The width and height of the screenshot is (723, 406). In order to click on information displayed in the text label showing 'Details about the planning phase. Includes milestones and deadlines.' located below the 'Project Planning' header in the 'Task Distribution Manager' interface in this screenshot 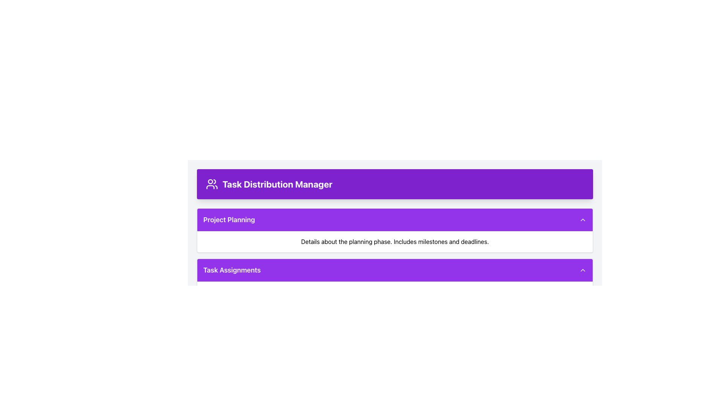, I will do `click(395, 242)`.